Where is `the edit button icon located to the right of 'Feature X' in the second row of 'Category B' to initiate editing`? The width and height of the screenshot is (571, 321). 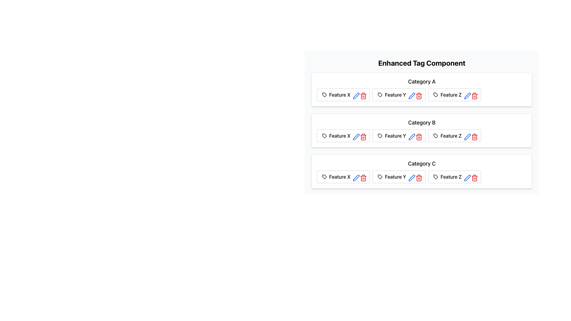
the edit button icon located to the right of 'Feature X' in the second row of 'Category B' to initiate editing is located at coordinates (355, 136).